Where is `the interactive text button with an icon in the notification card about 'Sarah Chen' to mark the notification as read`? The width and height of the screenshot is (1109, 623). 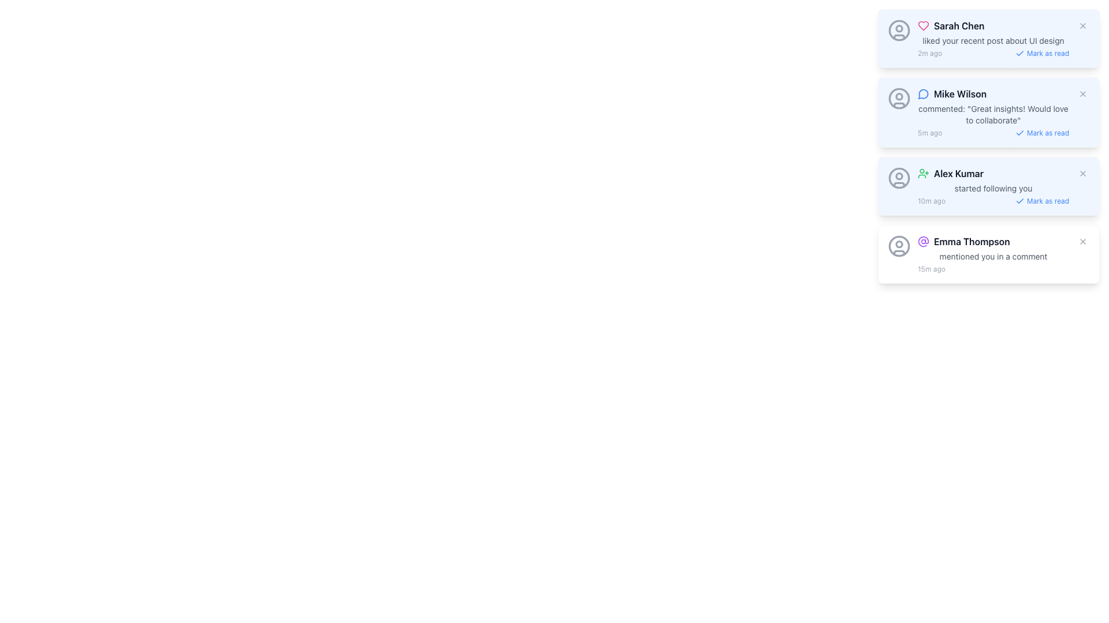
the interactive text button with an icon in the notification card about 'Sarah Chen' to mark the notification as read is located at coordinates (1042, 53).